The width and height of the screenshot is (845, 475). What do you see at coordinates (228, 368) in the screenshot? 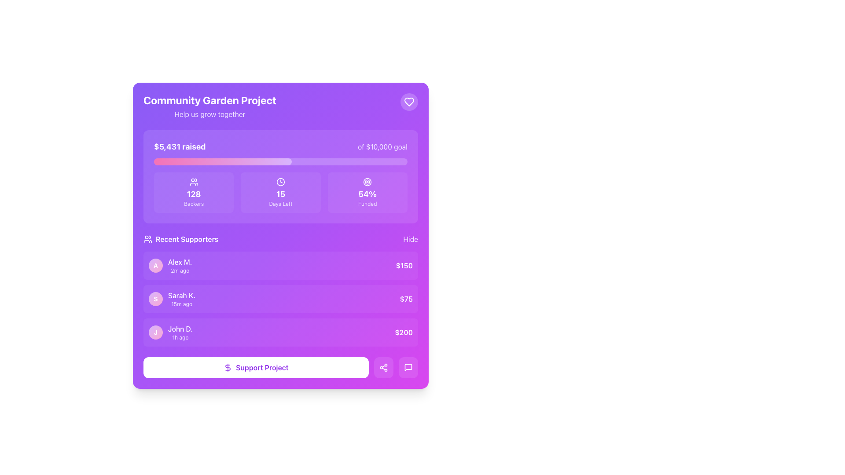
I see `the monetary action icon located` at bounding box center [228, 368].